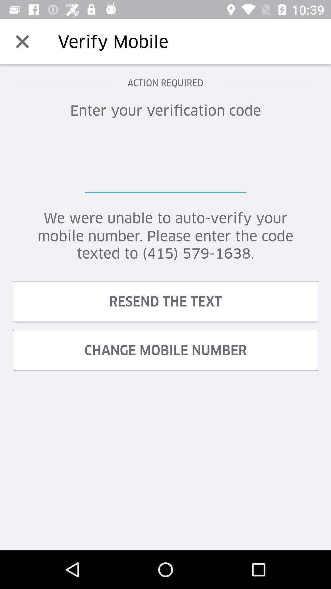 The height and width of the screenshot is (589, 331). What do you see at coordinates (165, 301) in the screenshot?
I see `the icon below we were unable` at bounding box center [165, 301].